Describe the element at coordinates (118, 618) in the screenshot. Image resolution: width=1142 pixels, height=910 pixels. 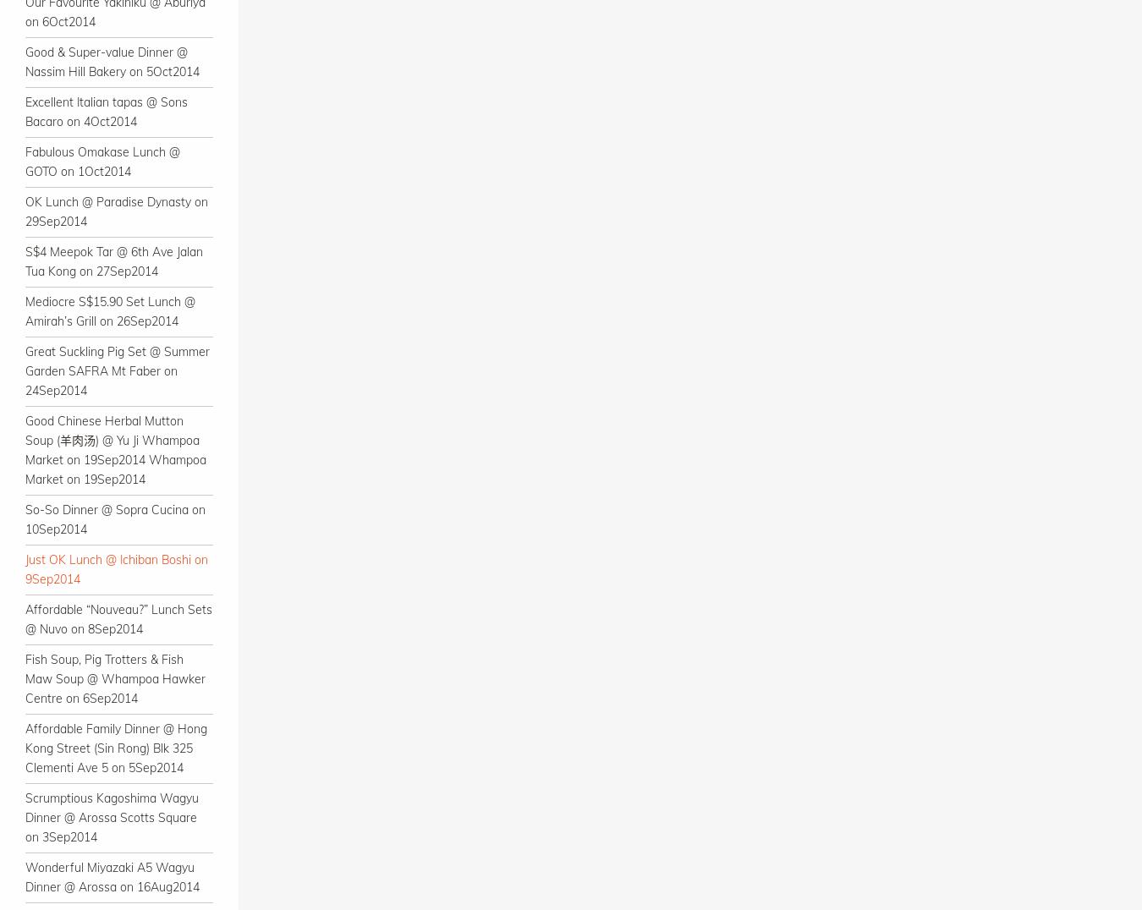
I see `'Affordable “Nouveau?” Lunch Sets @ Nuvo on 8Sep2014'` at that location.